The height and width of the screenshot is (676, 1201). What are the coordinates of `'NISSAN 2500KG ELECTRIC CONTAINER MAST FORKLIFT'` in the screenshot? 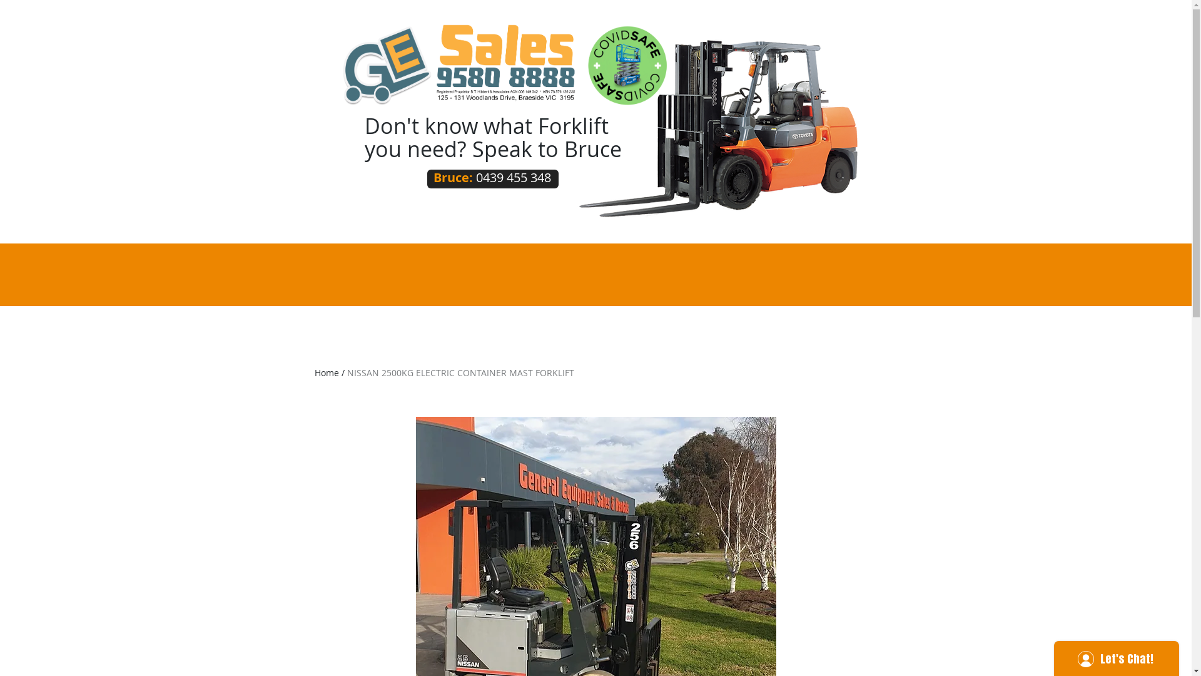 It's located at (459, 372).